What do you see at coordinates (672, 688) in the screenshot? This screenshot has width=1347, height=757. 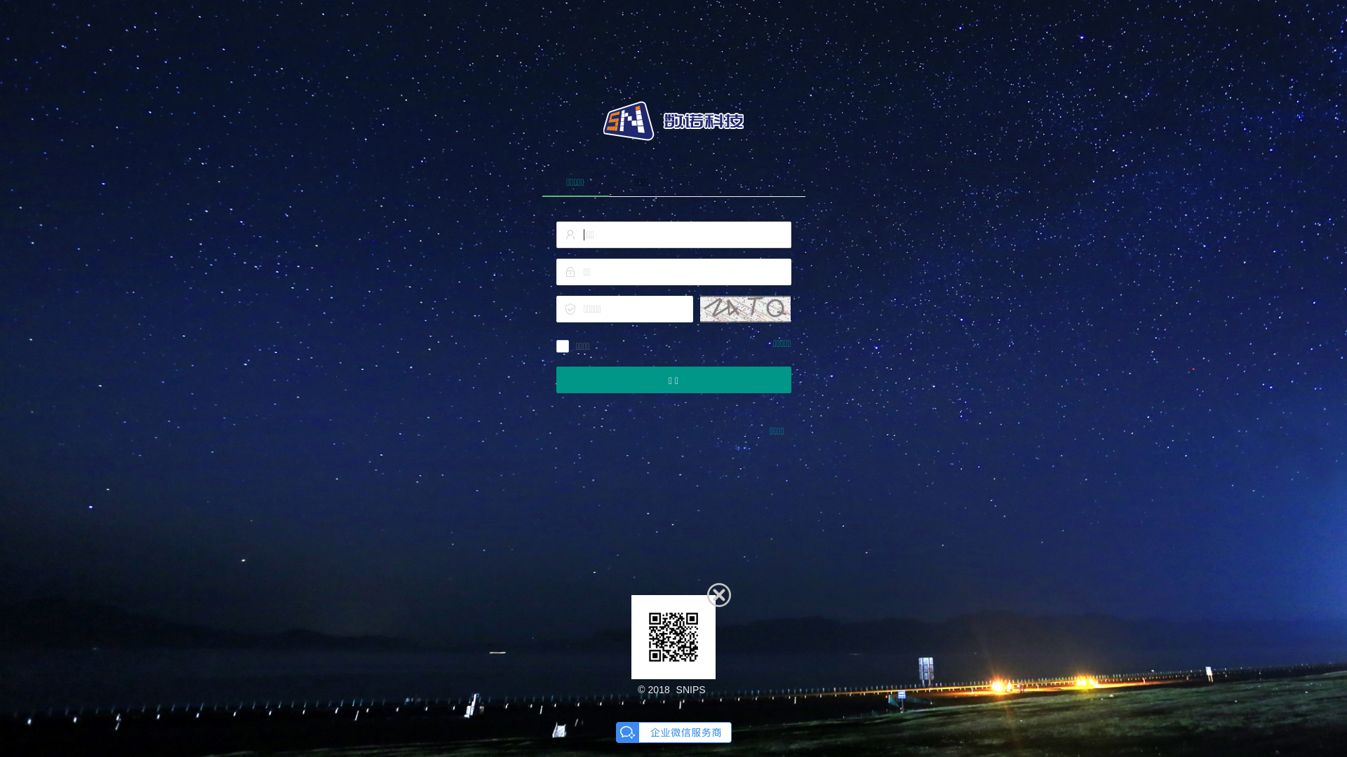 I see `'SNIPS'` at bounding box center [672, 688].